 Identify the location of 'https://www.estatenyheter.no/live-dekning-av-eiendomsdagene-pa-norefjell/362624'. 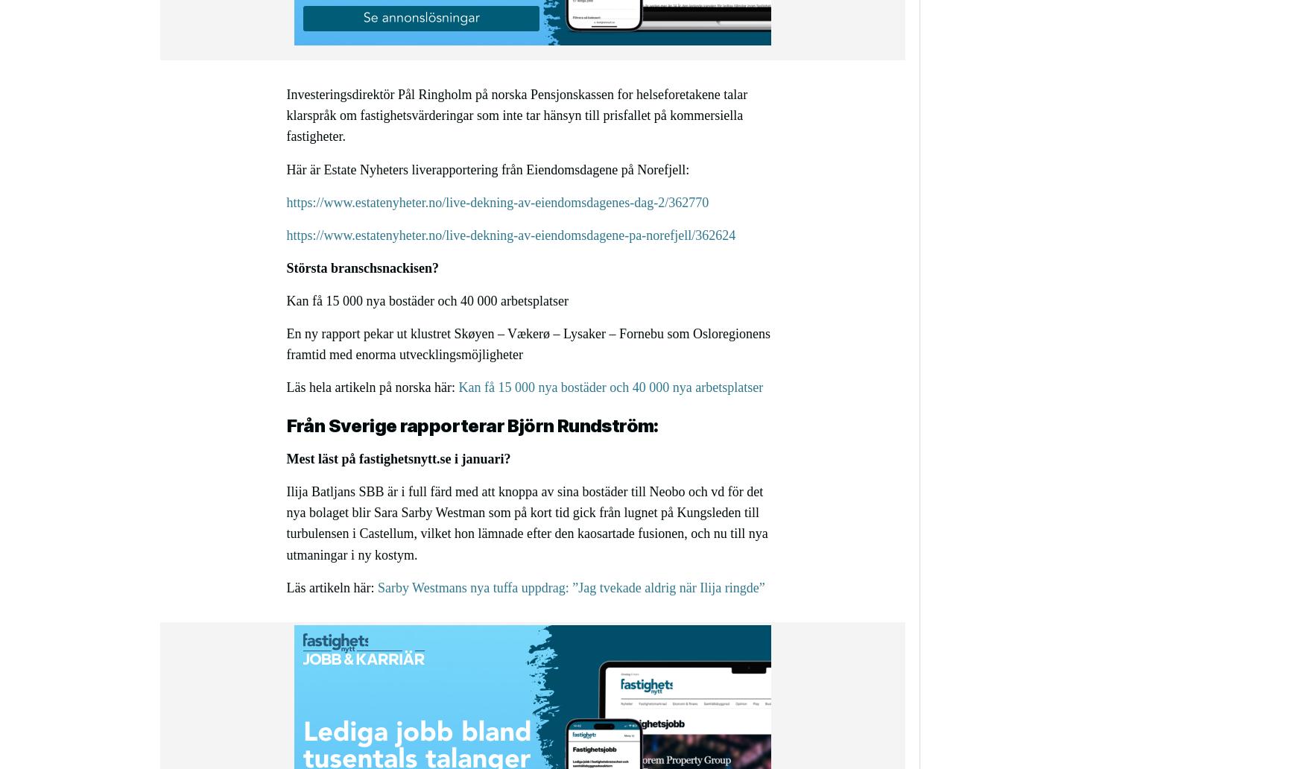
(510, 234).